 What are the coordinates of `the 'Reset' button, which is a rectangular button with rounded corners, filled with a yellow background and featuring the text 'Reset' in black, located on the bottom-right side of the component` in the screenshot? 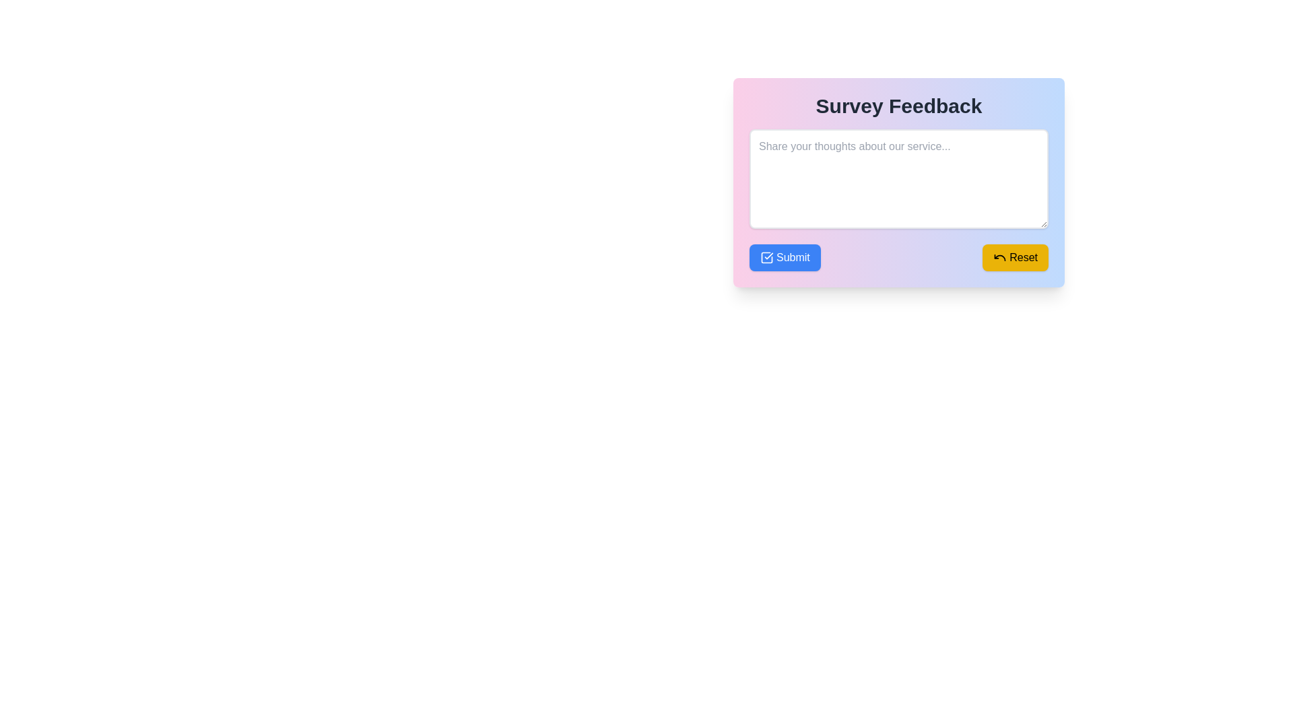 It's located at (1016, 257).